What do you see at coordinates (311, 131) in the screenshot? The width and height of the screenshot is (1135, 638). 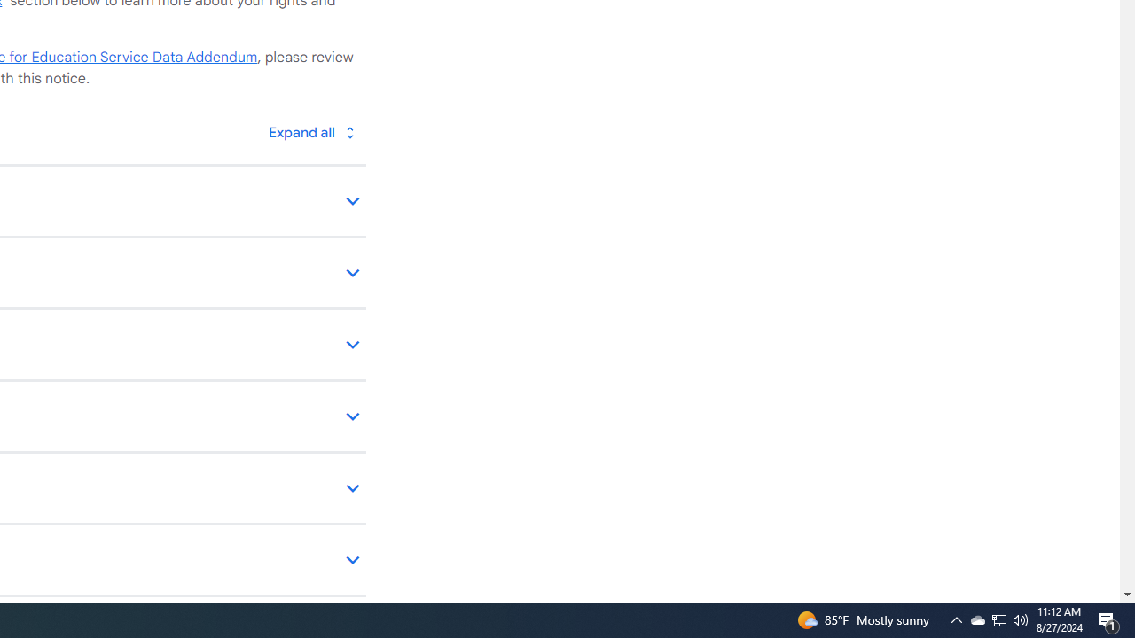 I see `'Toggle all'` at bounding box center [311, 131].